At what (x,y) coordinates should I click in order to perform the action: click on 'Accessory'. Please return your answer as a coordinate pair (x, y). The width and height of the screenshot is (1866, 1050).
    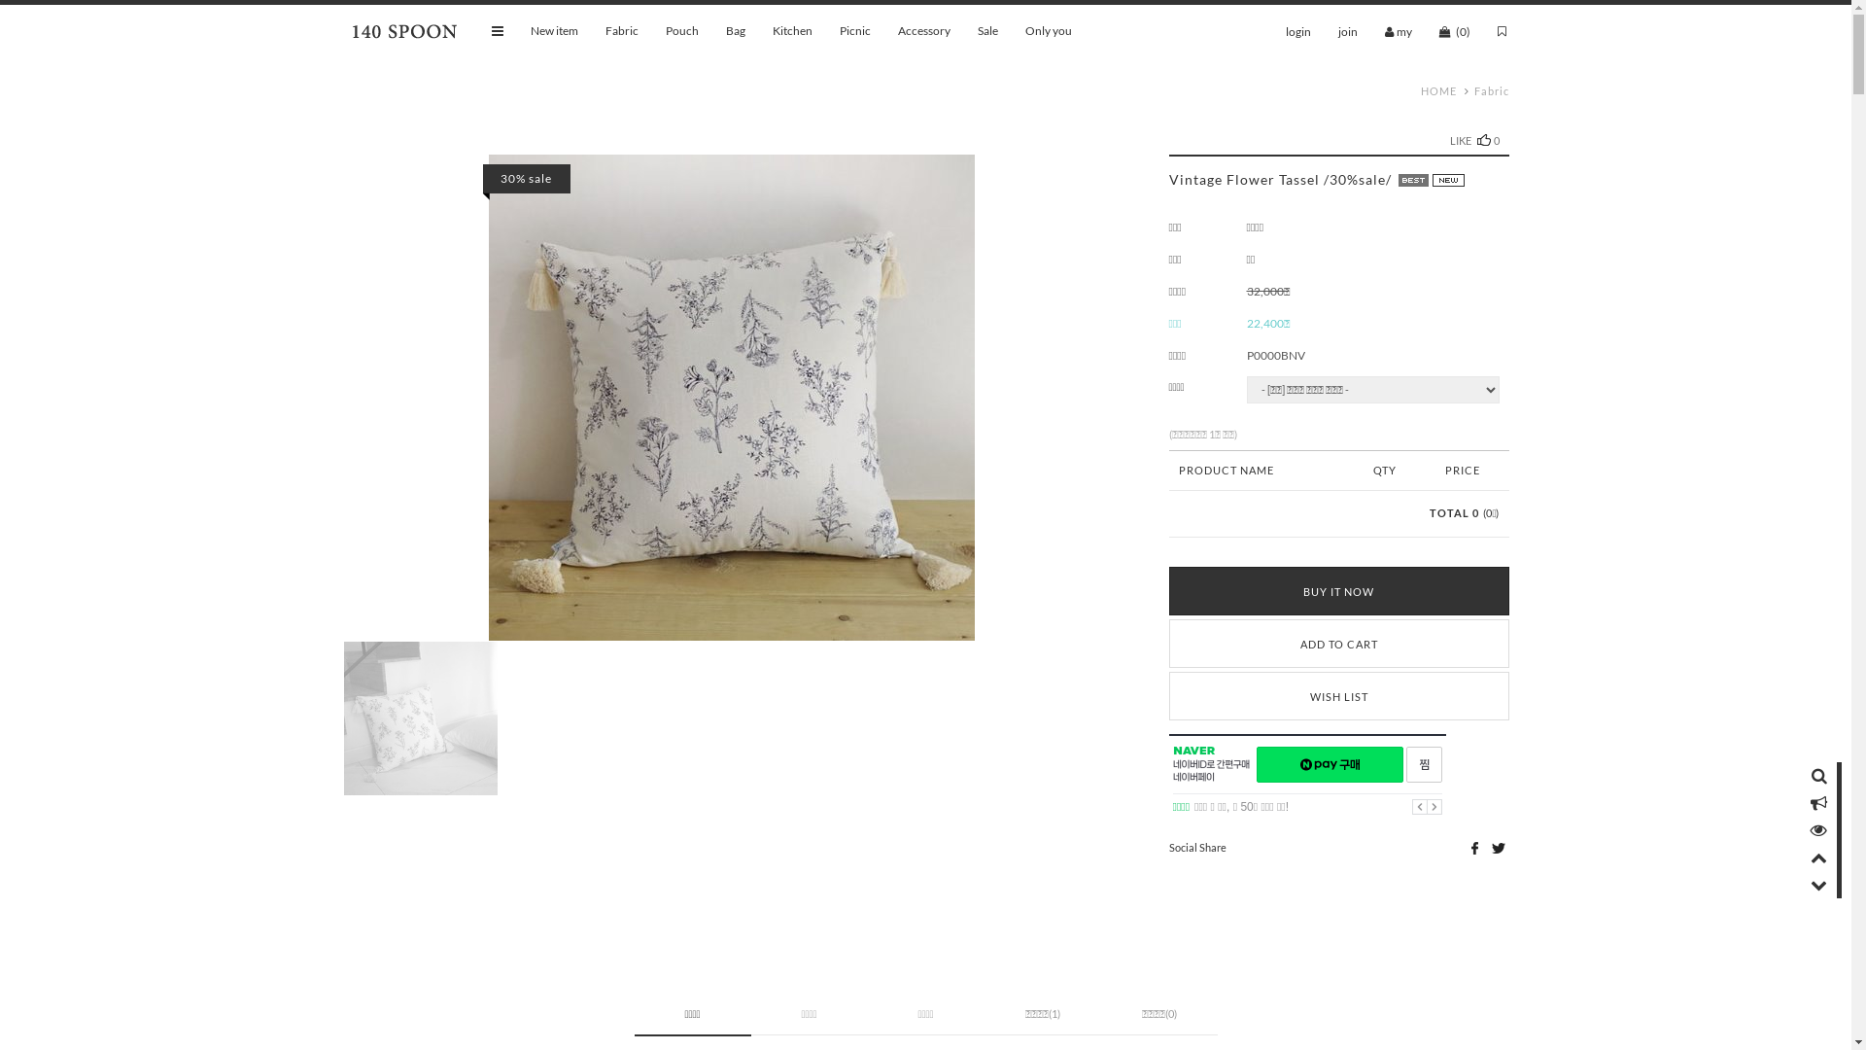
    Looking at the image, I should click on (922, 30).